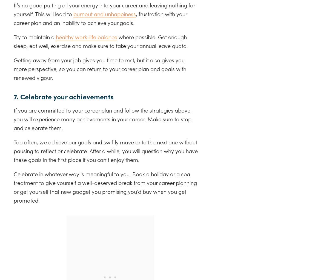 This screenshot has height=280, width=315. I want to click on 'If you are committed to your career plan and follow the strategies above, you will experience many achievements in your career. Make sure to stop and celebrate them.', so click(103, 118).